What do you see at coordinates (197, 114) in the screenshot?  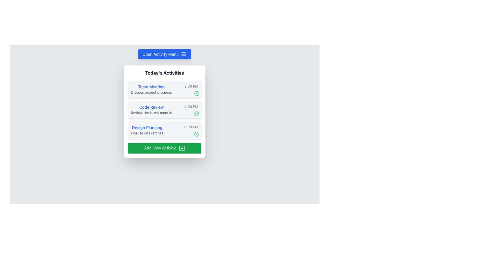 I see `the green circular icon with a checkmark inside it, located at the bottom-right corner of the 'Code Review' activity card` at bounding box center [197, 114].